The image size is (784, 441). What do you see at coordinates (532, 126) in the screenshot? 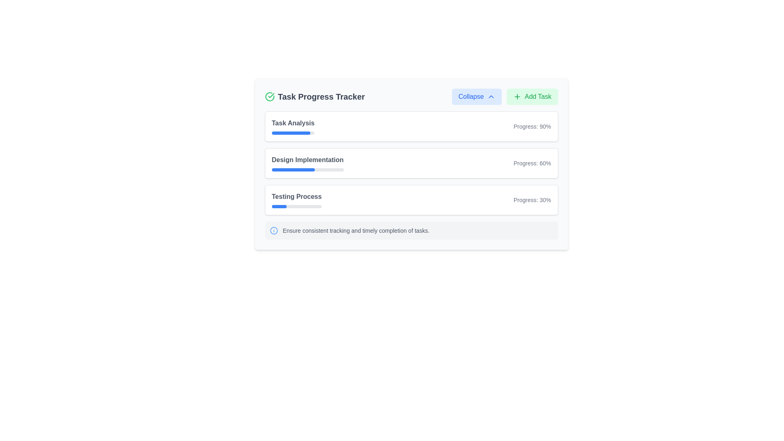
I see `the text label that indicates the progress status for 'Task Analysis'` at bounding box center [532, 126].